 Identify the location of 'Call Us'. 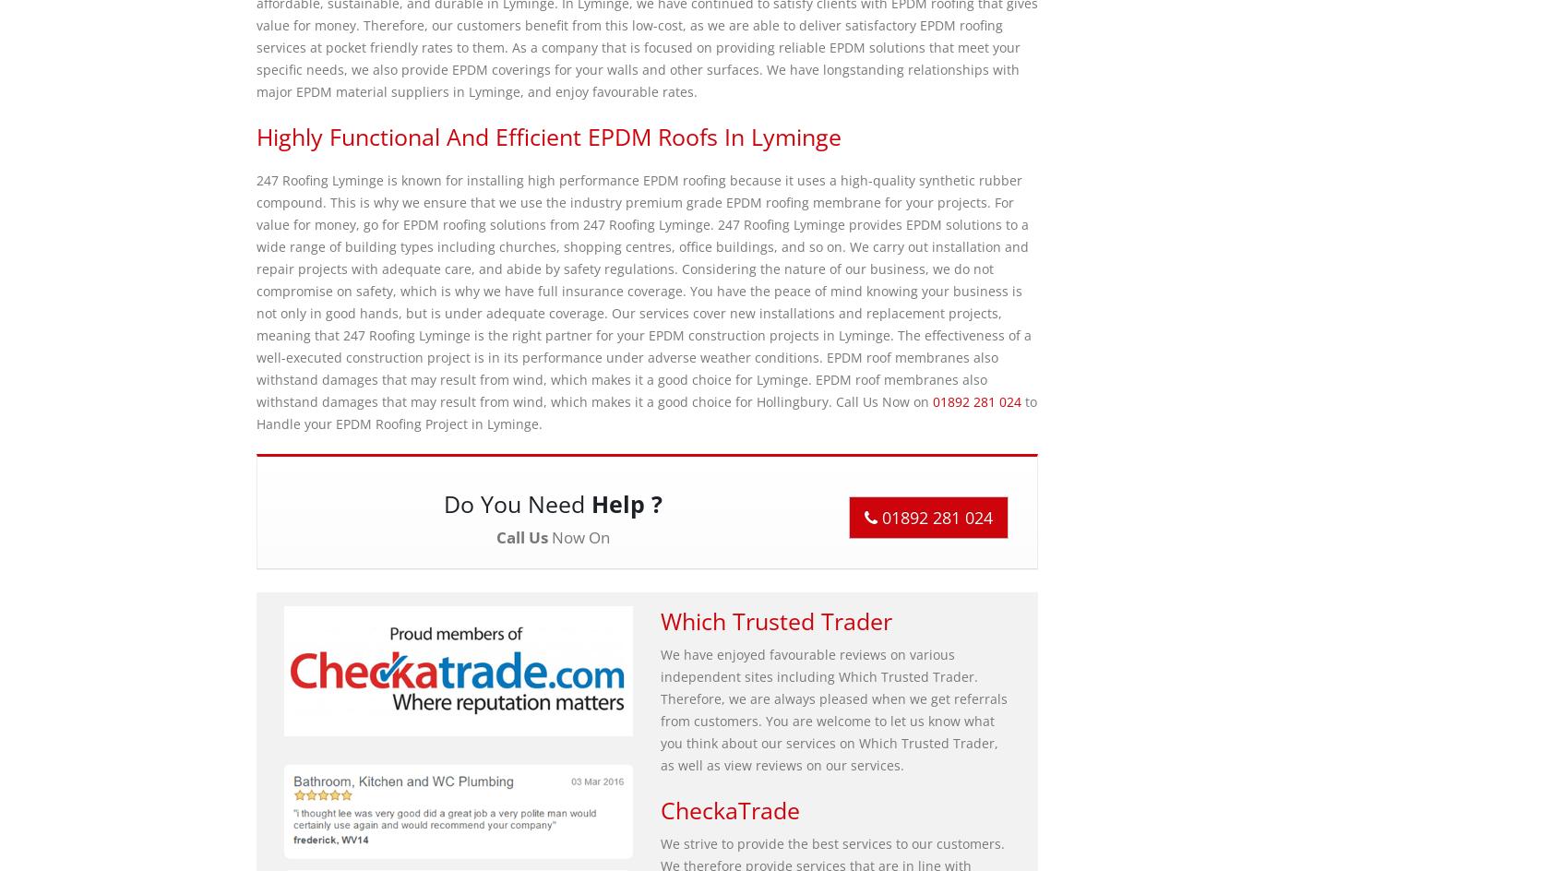
(521, 536).